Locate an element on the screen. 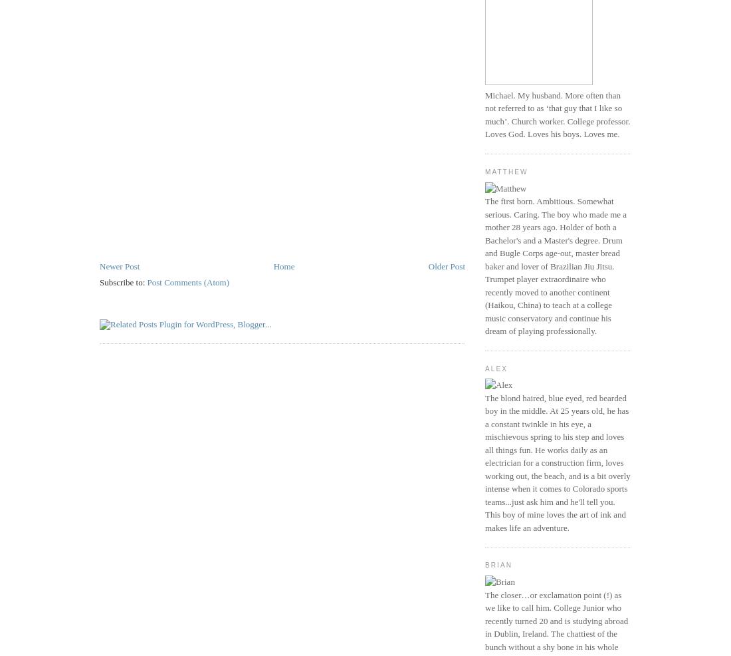  'Michael.  My husband.  More often than not referred to as ‘that guy that I like so much’.  Church worker.  College professor.  Loves God.  Loves his boys.  Loves me.' is located at coordinates (556, 113).